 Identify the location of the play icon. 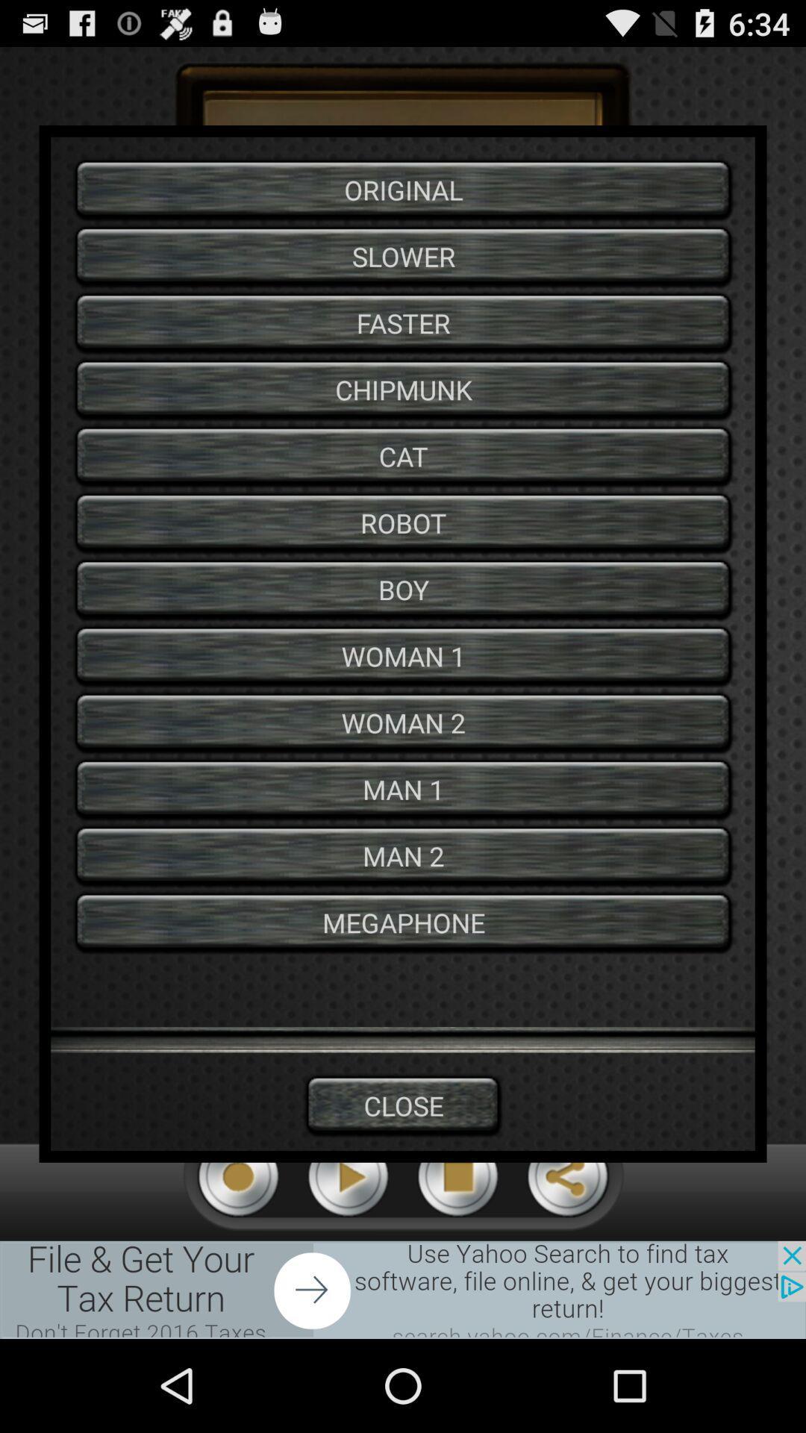
(348, 1258).